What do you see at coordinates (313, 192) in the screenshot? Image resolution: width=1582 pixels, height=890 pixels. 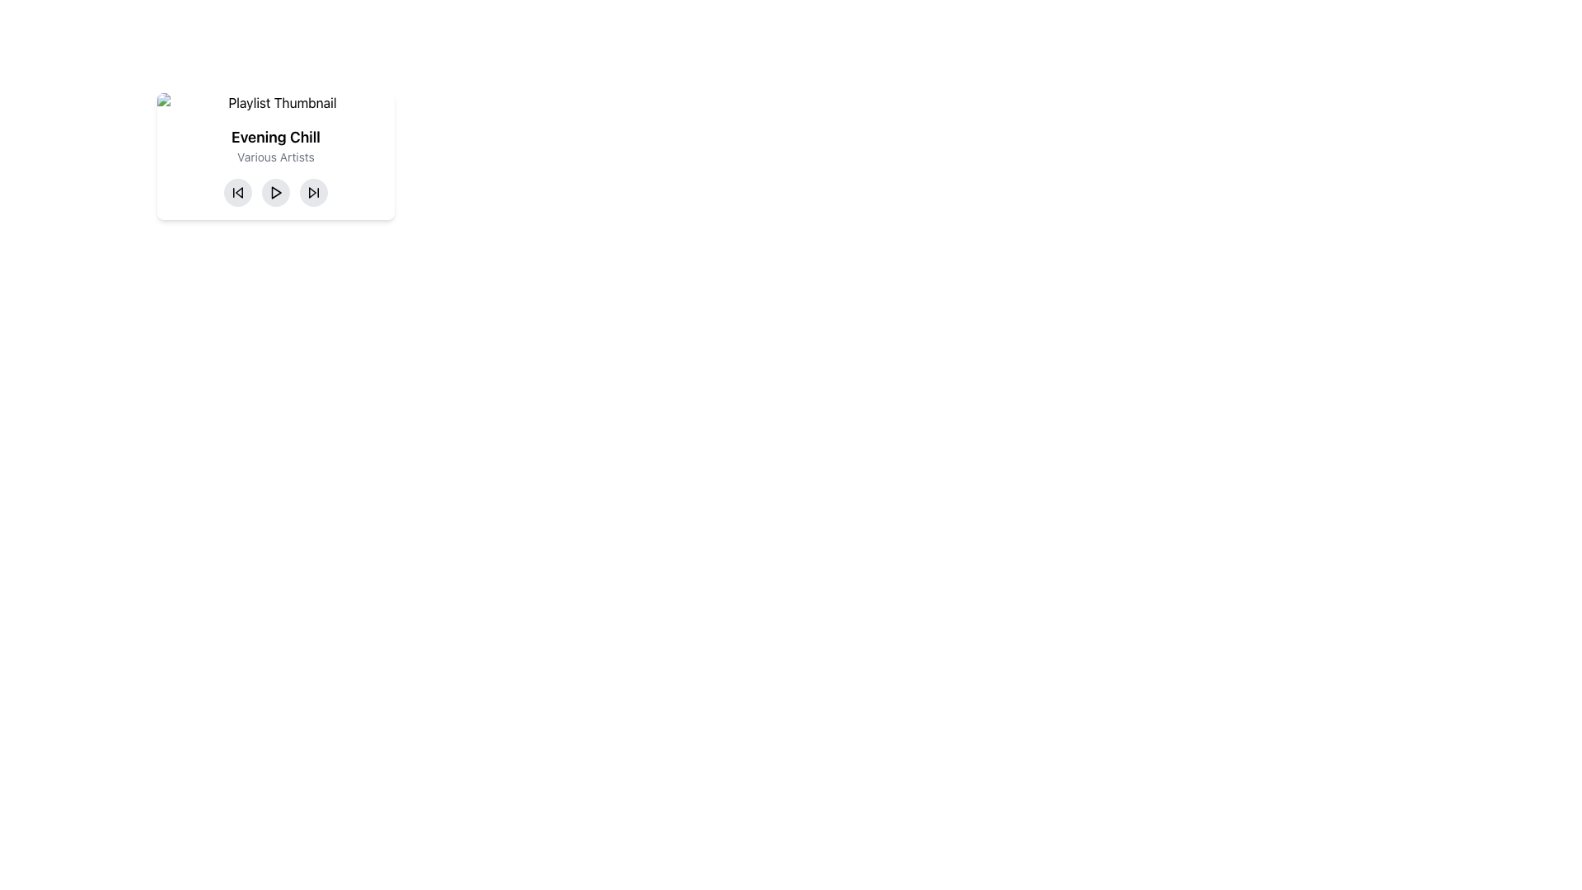 I see `the forward-skip icon, which is a small icon resembling two triangles pointing right followed by a vertical bar, located inside a circular button with a light gray background` at bounding box center [313, 192].